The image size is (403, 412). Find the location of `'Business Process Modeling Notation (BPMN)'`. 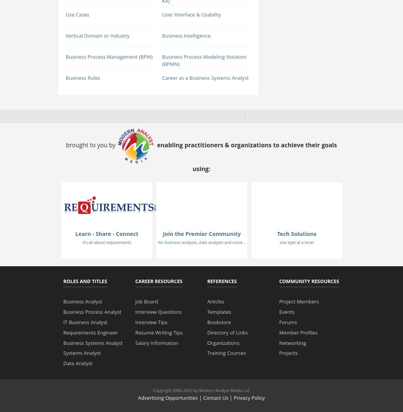

'Business Process Modeling Notation (BPMN)' is located at coordinates (204, 59).